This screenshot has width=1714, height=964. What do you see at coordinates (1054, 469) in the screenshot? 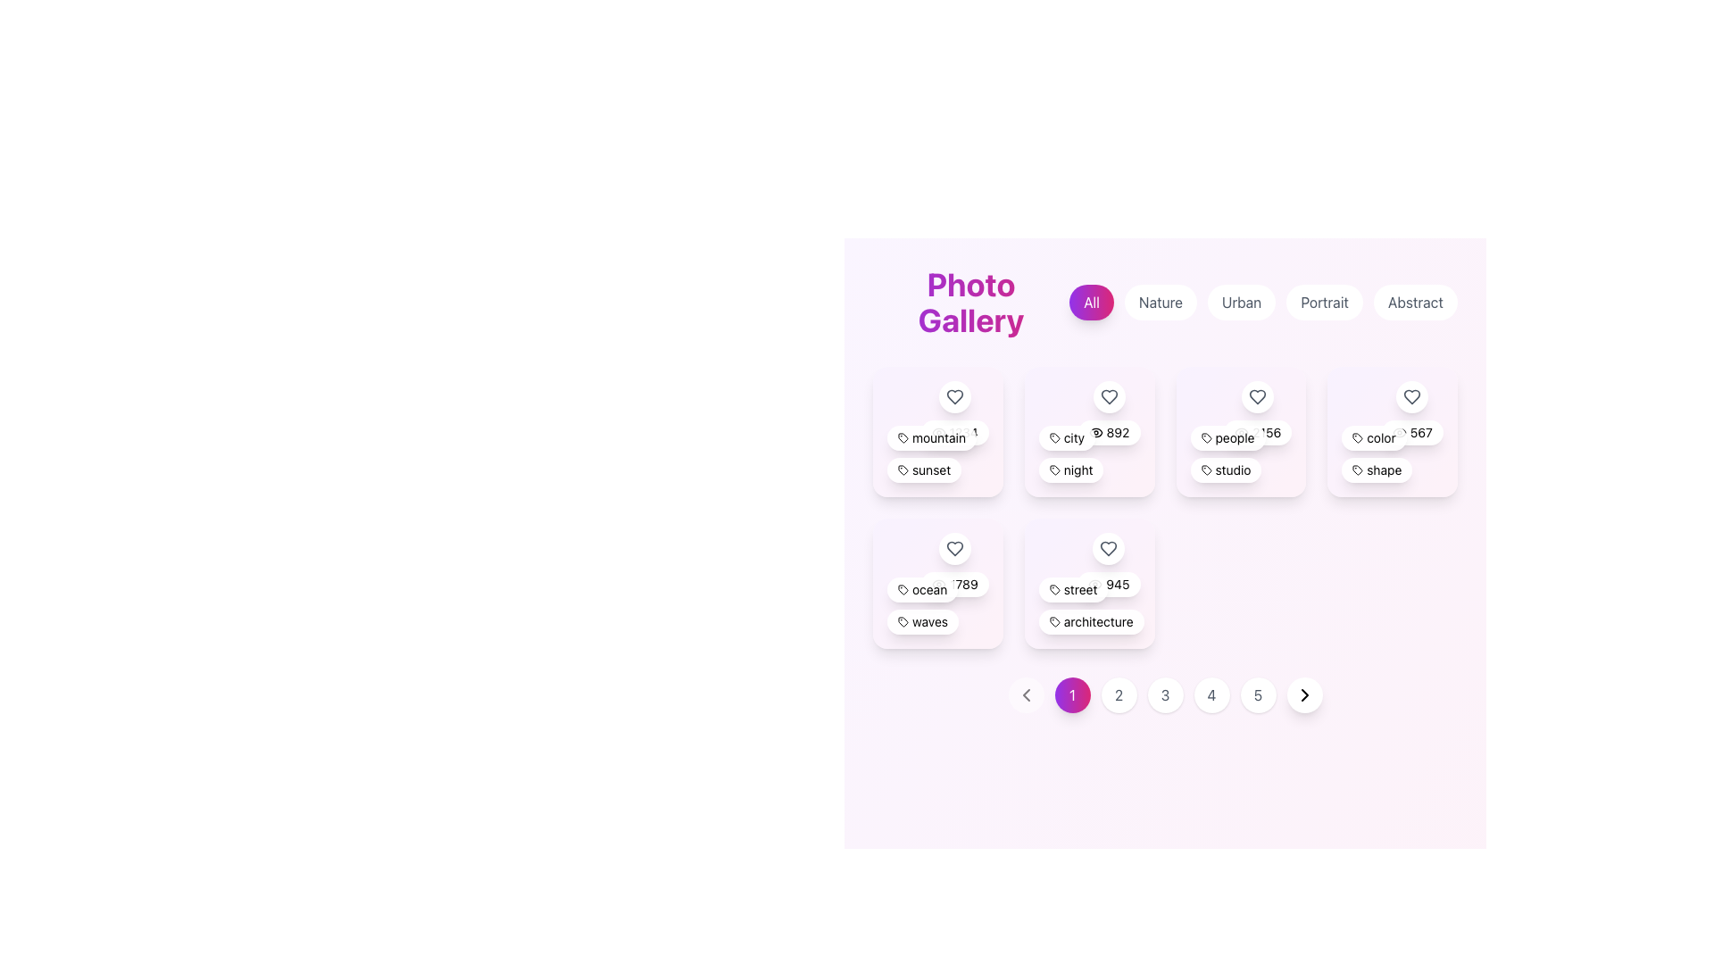
I see `the small tag icon resembling a price tag or label located near the text label 'night' in the photo gallery interface` at bounding box center [1054, 469].